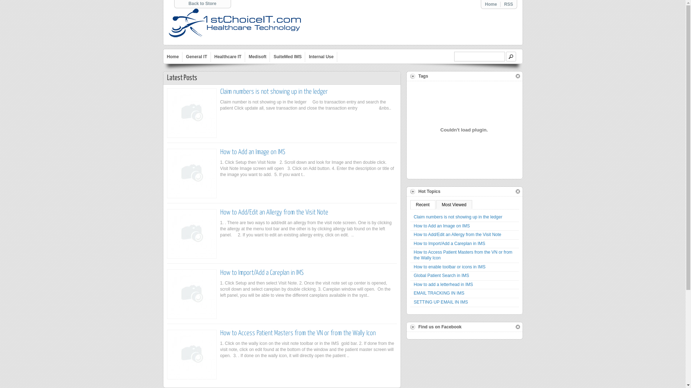 The width and height of the screenshot is (691, 388). I want to click on 'SETTING UP EMAIL IN IMS', so click(465, 302).